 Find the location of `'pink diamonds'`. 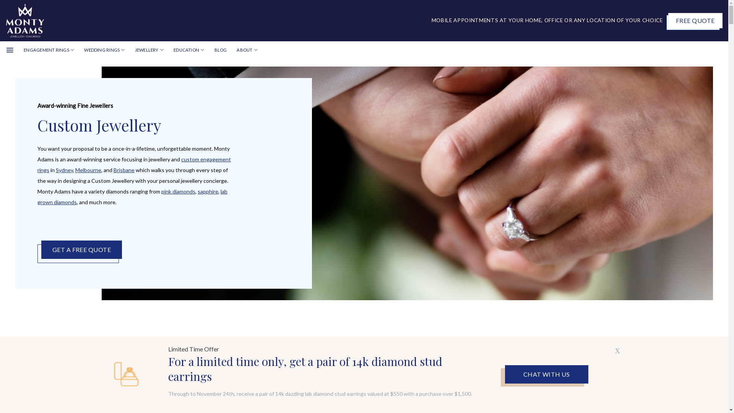

'pink diamonds' is located at coordinates (178, 191).